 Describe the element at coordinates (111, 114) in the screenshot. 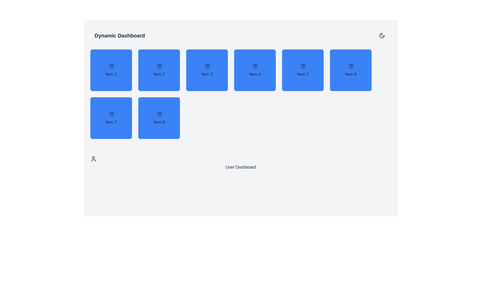

I see `the icon representing 'Item 7' located within the blue tile in the bottom-left part of the dashboard` at that location.